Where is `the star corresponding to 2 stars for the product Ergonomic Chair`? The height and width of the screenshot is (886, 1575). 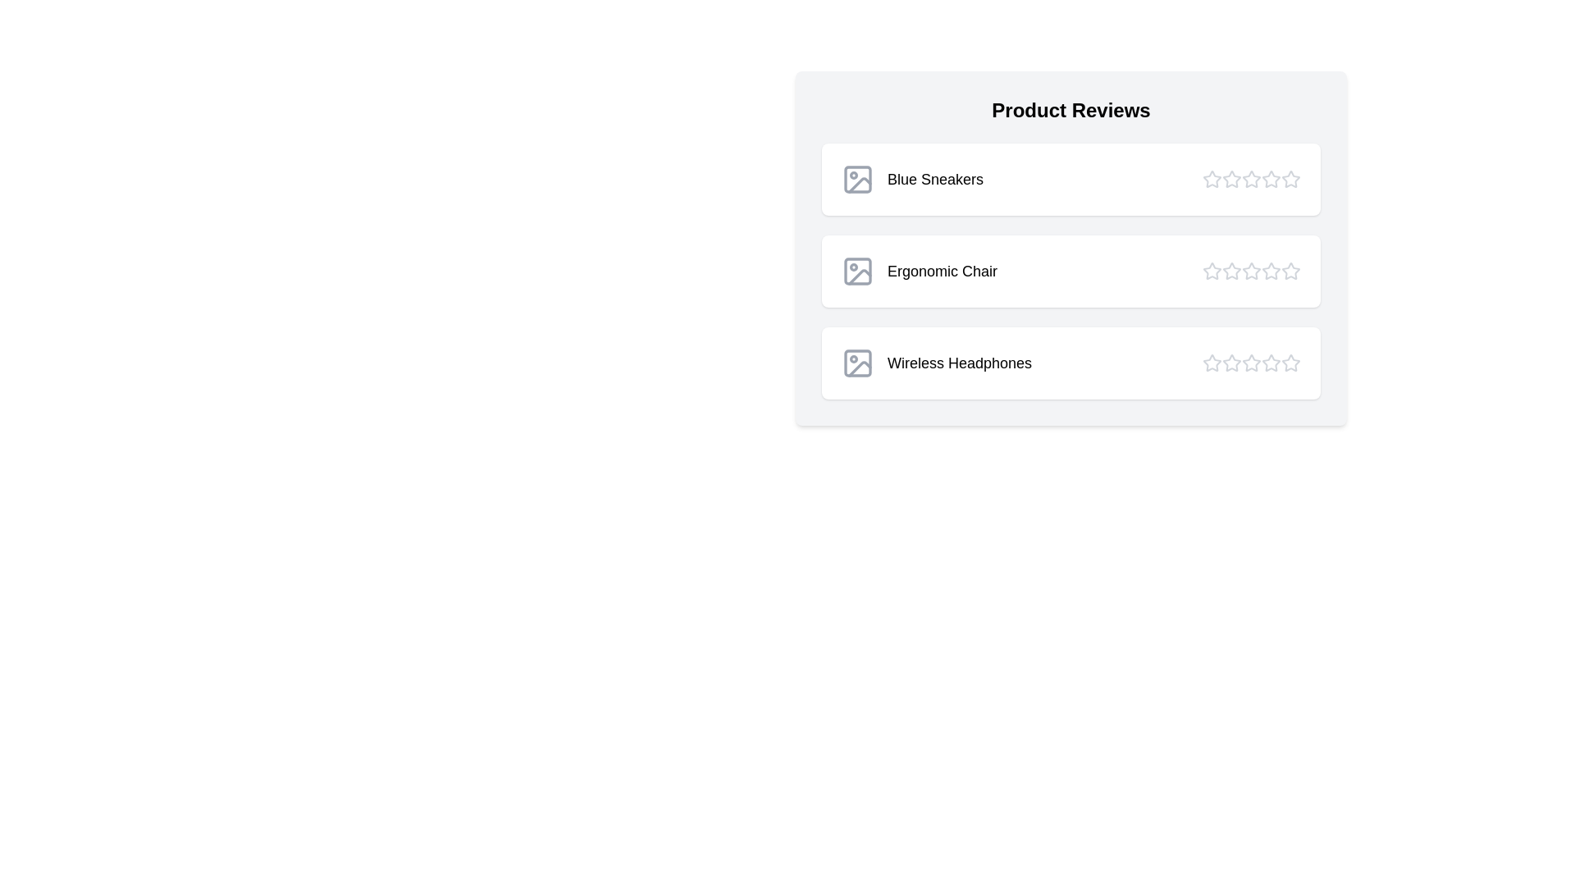 the star corresponding to 2 stars for the product Ergonomic Chair is located at coordinates (1232, 271).